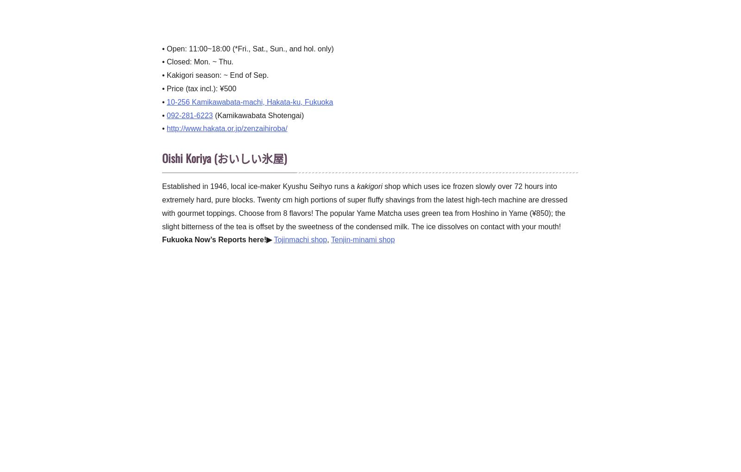  I want to click on 'shop which uses ice frozen slowly over 72 hours into extremely hard, pure blocks. Twenty cm high portions of super fluffy shavings from the latest high-tech machine are dressed with gourmet toppings. Choose from 8 flavors! The popular Yame Matcha uses green tea from Hoshino in Yame (¥850); the slight bitterness of the tea is offset by the sweetness of the condensed milk. The ice dissolves on contact with your mouth!', so click(364, 206).